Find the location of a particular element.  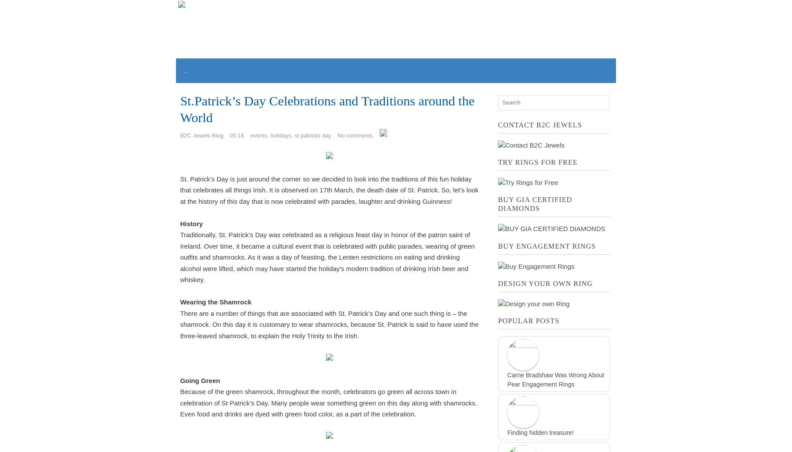

'Popular Posts' is located at coordinates (497, 320).